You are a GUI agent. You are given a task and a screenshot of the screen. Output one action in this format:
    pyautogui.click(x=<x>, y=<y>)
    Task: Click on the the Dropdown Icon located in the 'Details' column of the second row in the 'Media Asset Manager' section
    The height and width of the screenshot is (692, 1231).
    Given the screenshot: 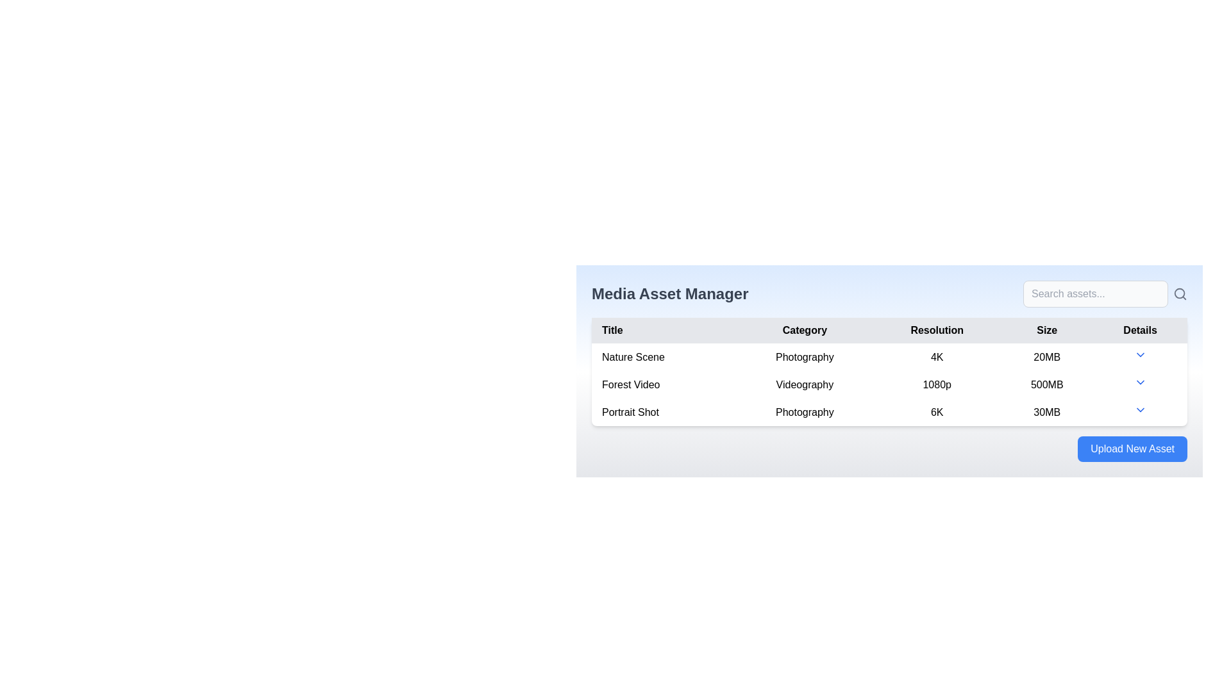 What is the action you would take?
    pyautogui.click(x=1140, y=382)
    